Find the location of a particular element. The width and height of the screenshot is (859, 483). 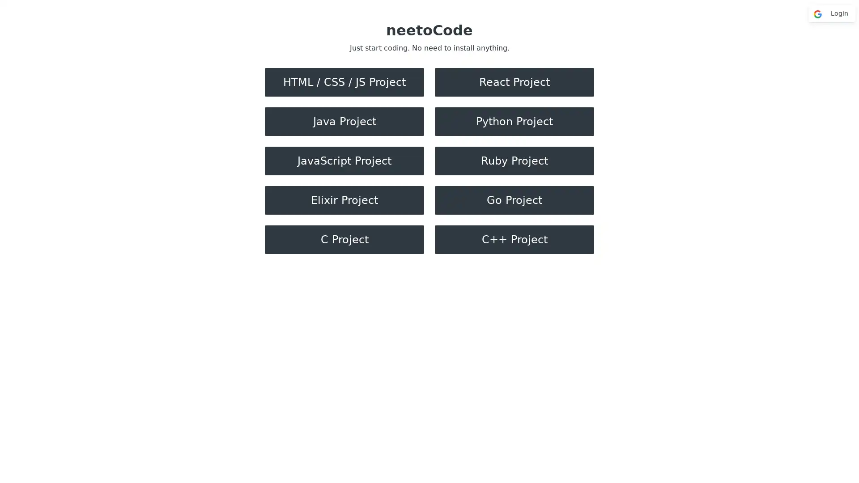

HTML / CSS / JS Project is located at coordinates (344, 82).